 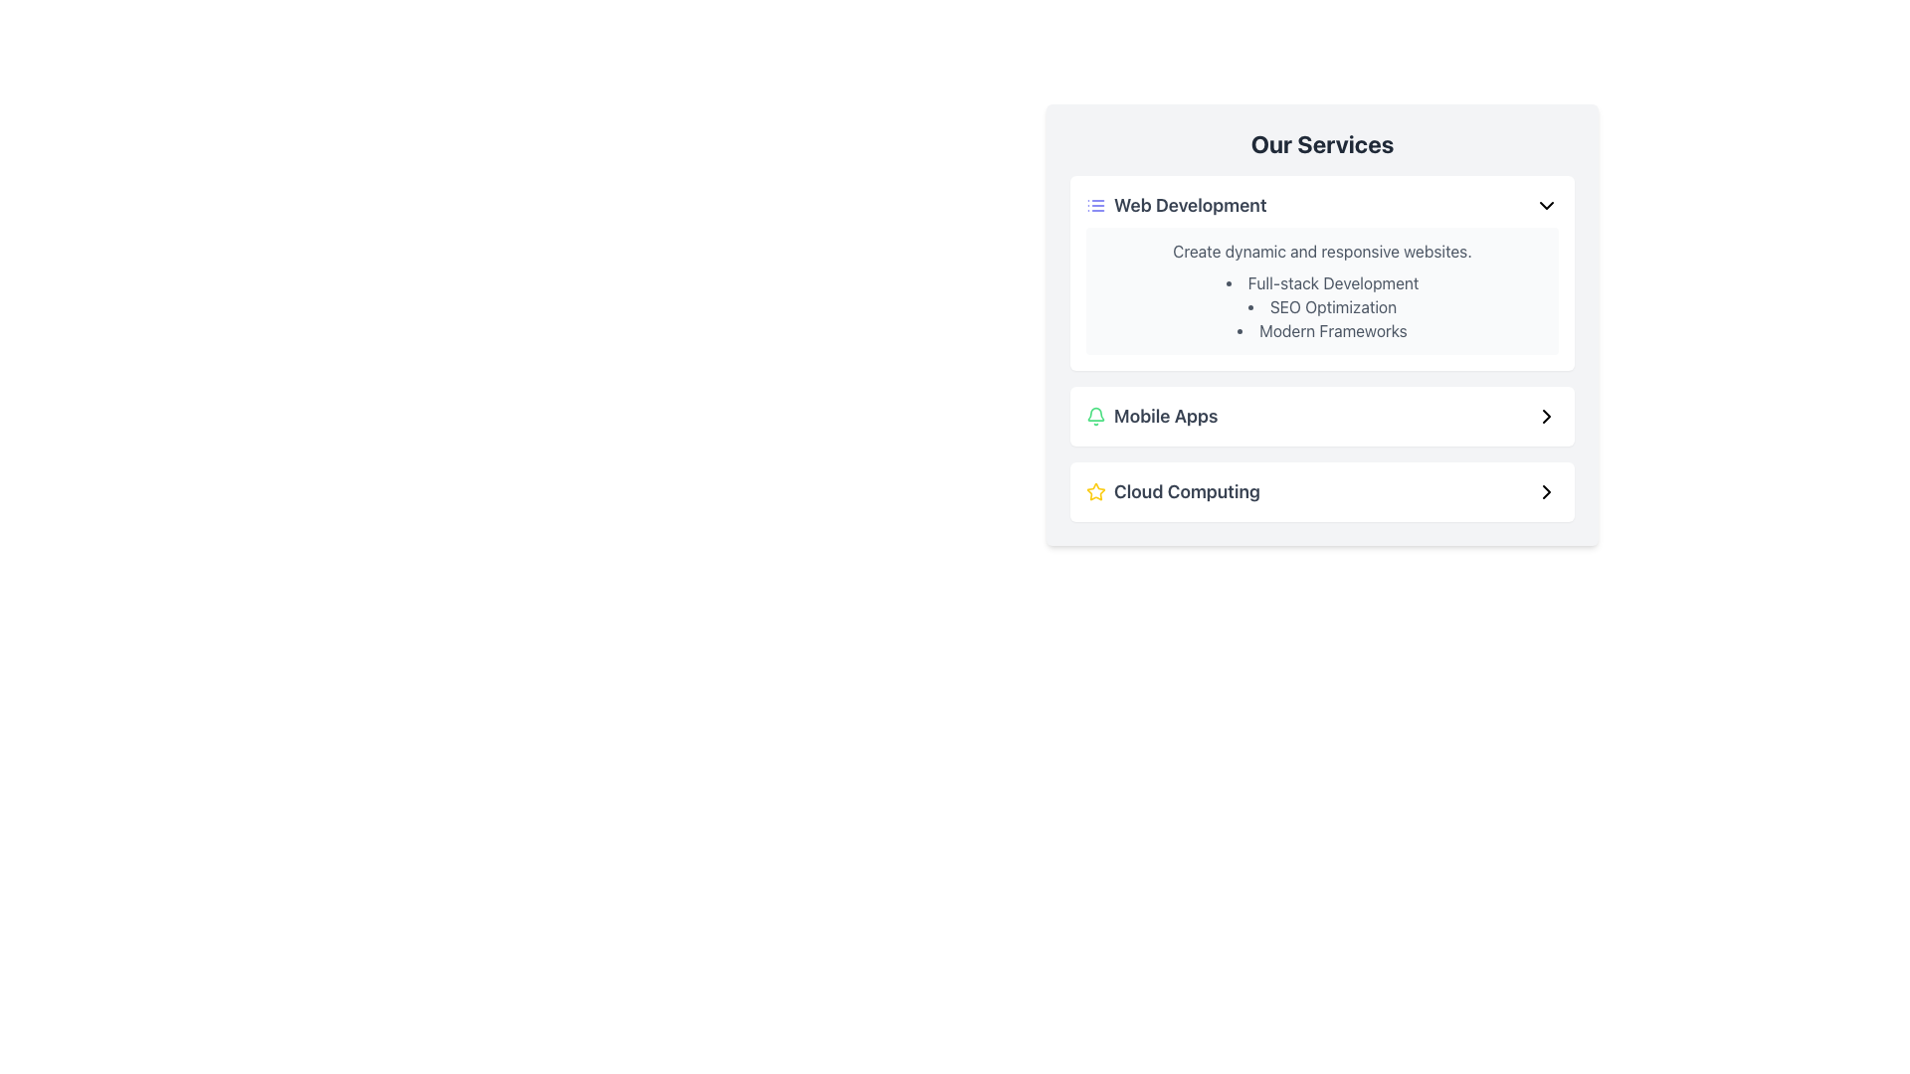 I want to click on the text label indicating 'SEO Optimization' in the bulleted list under the 'Web Development' section of the 'Our Services' card interface, so click(x=1322, y=306).